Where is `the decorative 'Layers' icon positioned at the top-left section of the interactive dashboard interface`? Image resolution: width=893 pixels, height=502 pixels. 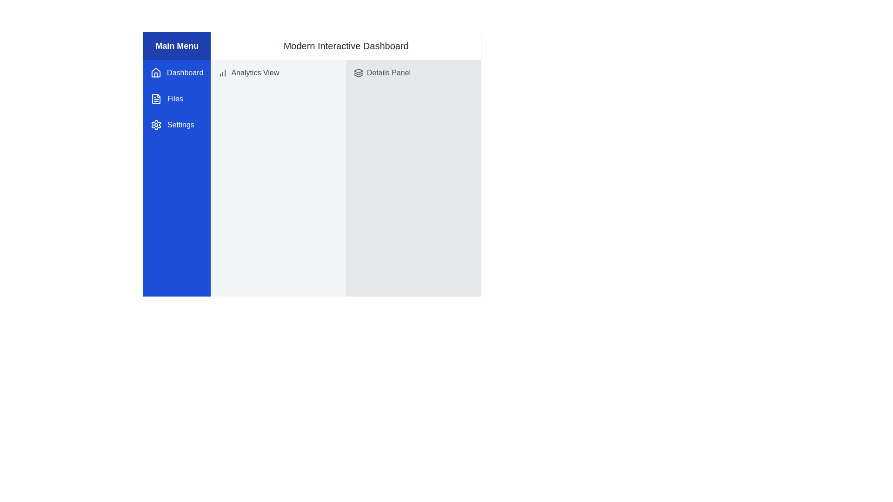
the decorative 'Layers' icon positioned at the top-left section of the interactive dashboard interface is located at coordinates (358, 70).